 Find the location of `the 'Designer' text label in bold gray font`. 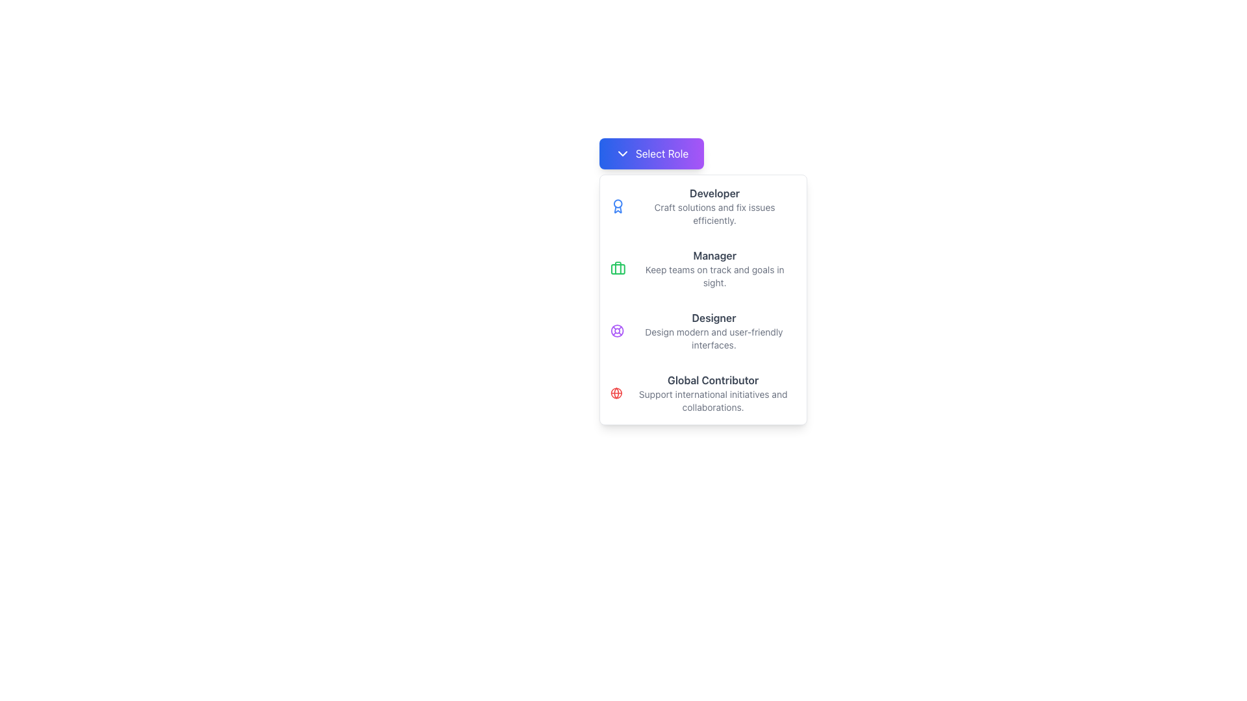

the 'Designer' text label in bold gray font is located at coordinates (713, 317).